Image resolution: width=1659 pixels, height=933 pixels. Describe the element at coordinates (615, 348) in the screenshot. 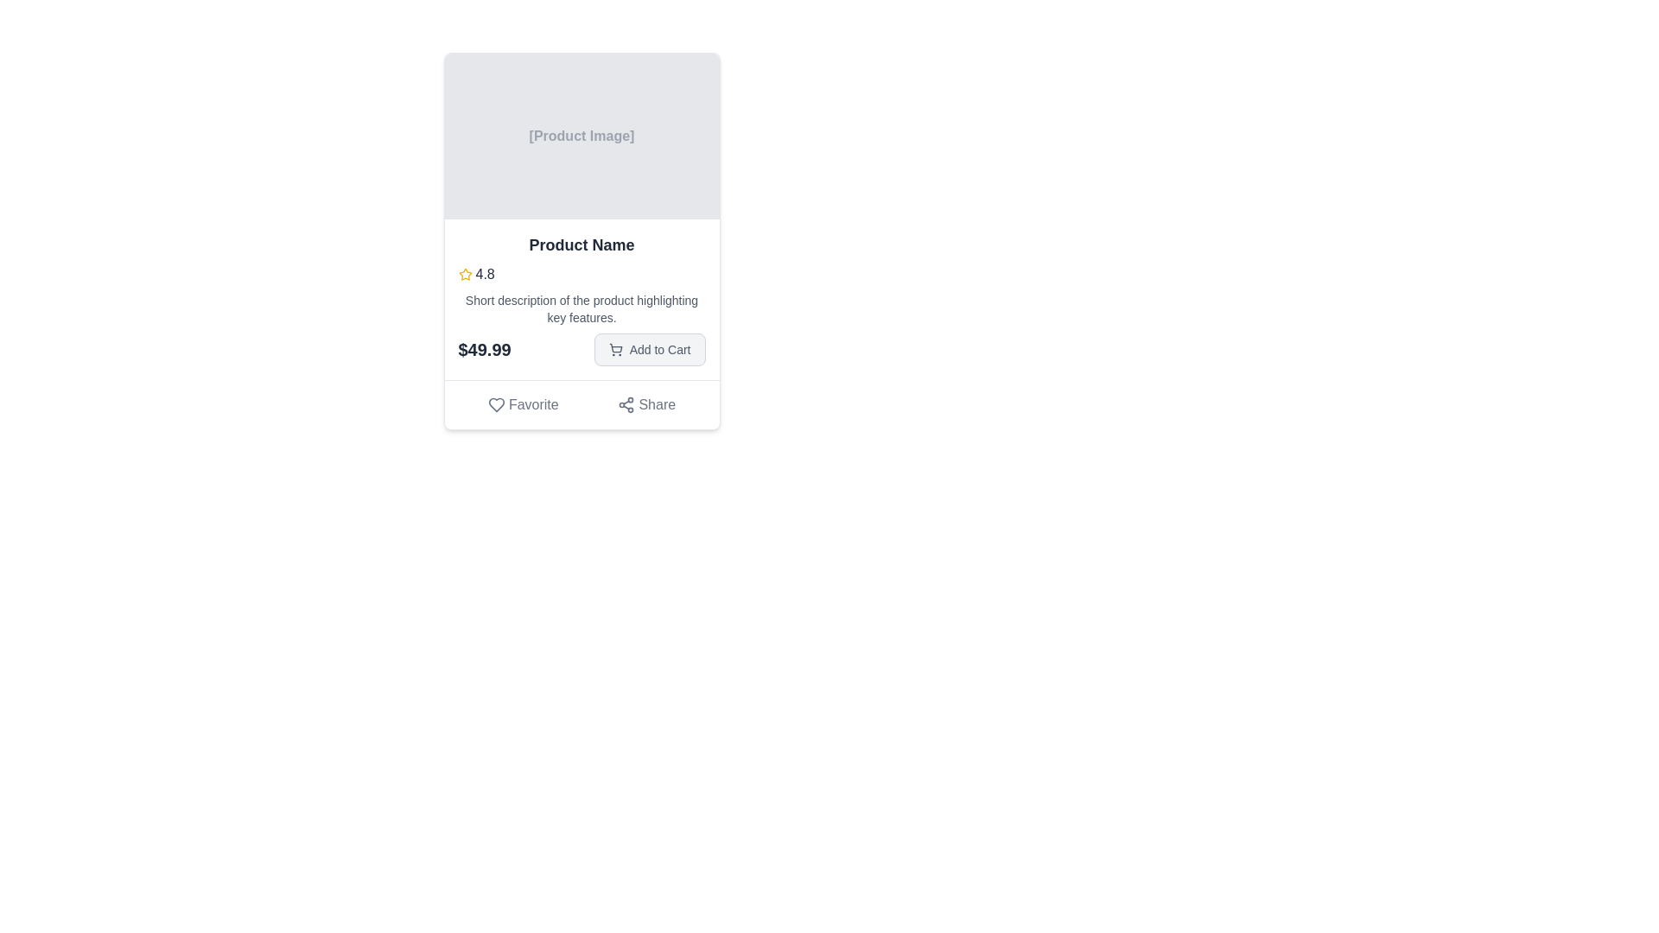

I see `the shopping cart icon located within the 'Add to Cart' button below the product description and price on the card` at that location.